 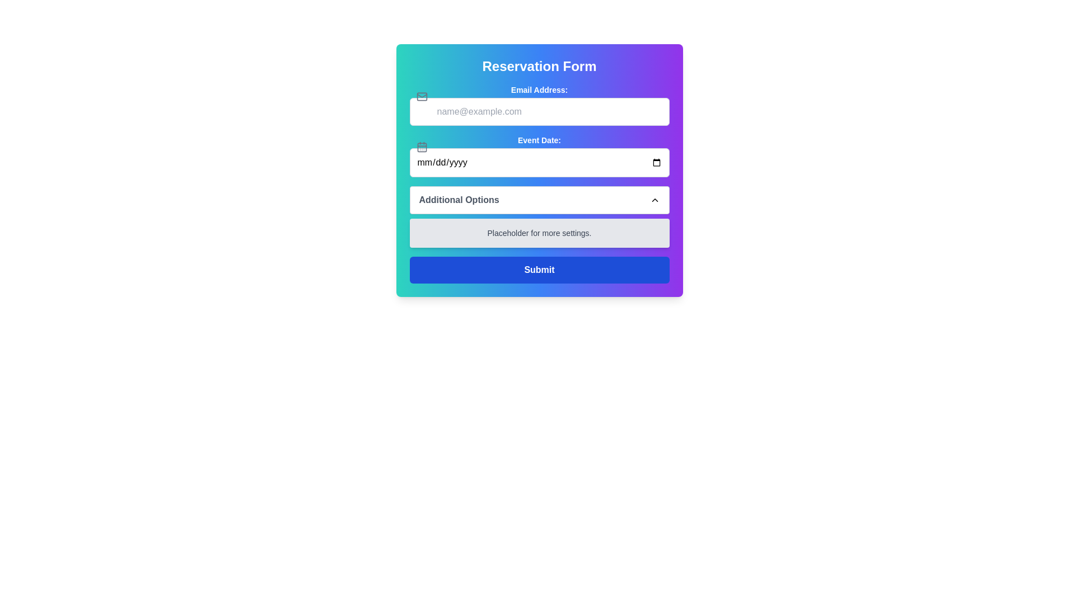 I want to click on the submit button located at the bottom of the form, so click(x=539, y=270).